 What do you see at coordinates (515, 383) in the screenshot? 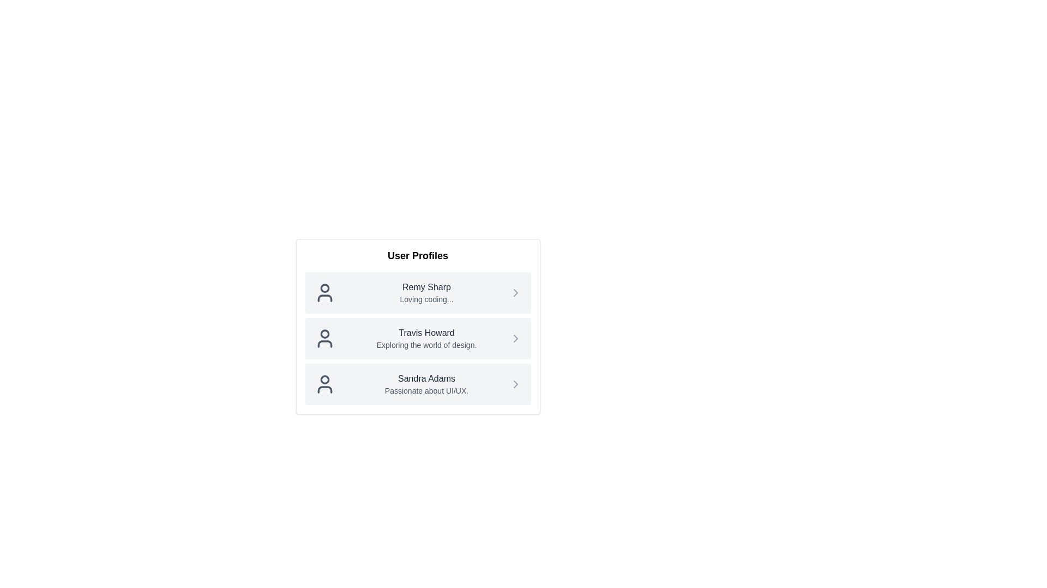
I see `the right-pointing arrow icon, which is outlined in gray and located adjacent to the text 'Sandra Adams Passionate about UI/UX.'` at bounding box center [515, 383].